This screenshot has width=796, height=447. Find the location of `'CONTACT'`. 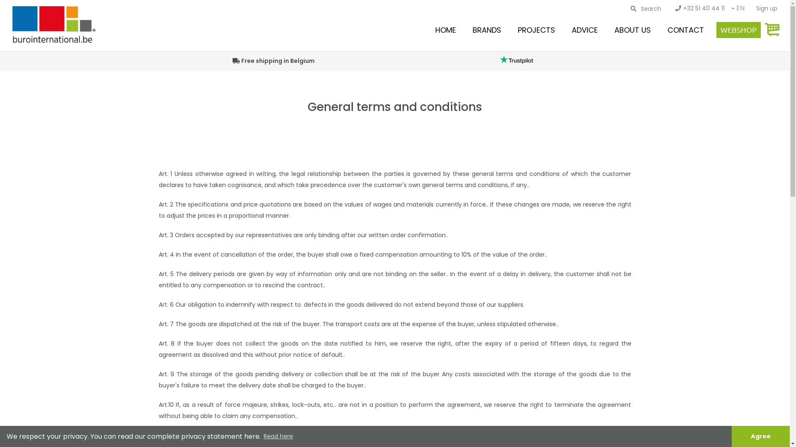

'CONTACT' is located at coordinates (663, 29).